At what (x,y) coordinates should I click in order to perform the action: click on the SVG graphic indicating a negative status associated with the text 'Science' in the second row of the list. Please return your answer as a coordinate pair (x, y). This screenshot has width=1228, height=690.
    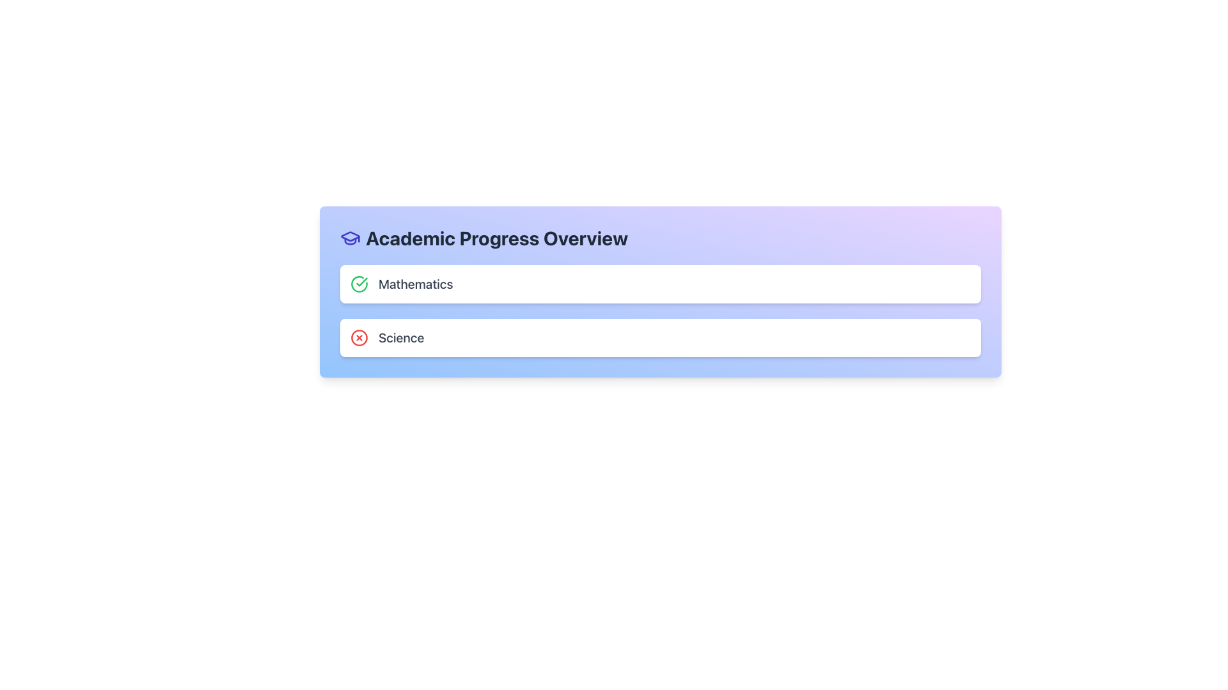
    Looking at the image, I should click on (358, 337).